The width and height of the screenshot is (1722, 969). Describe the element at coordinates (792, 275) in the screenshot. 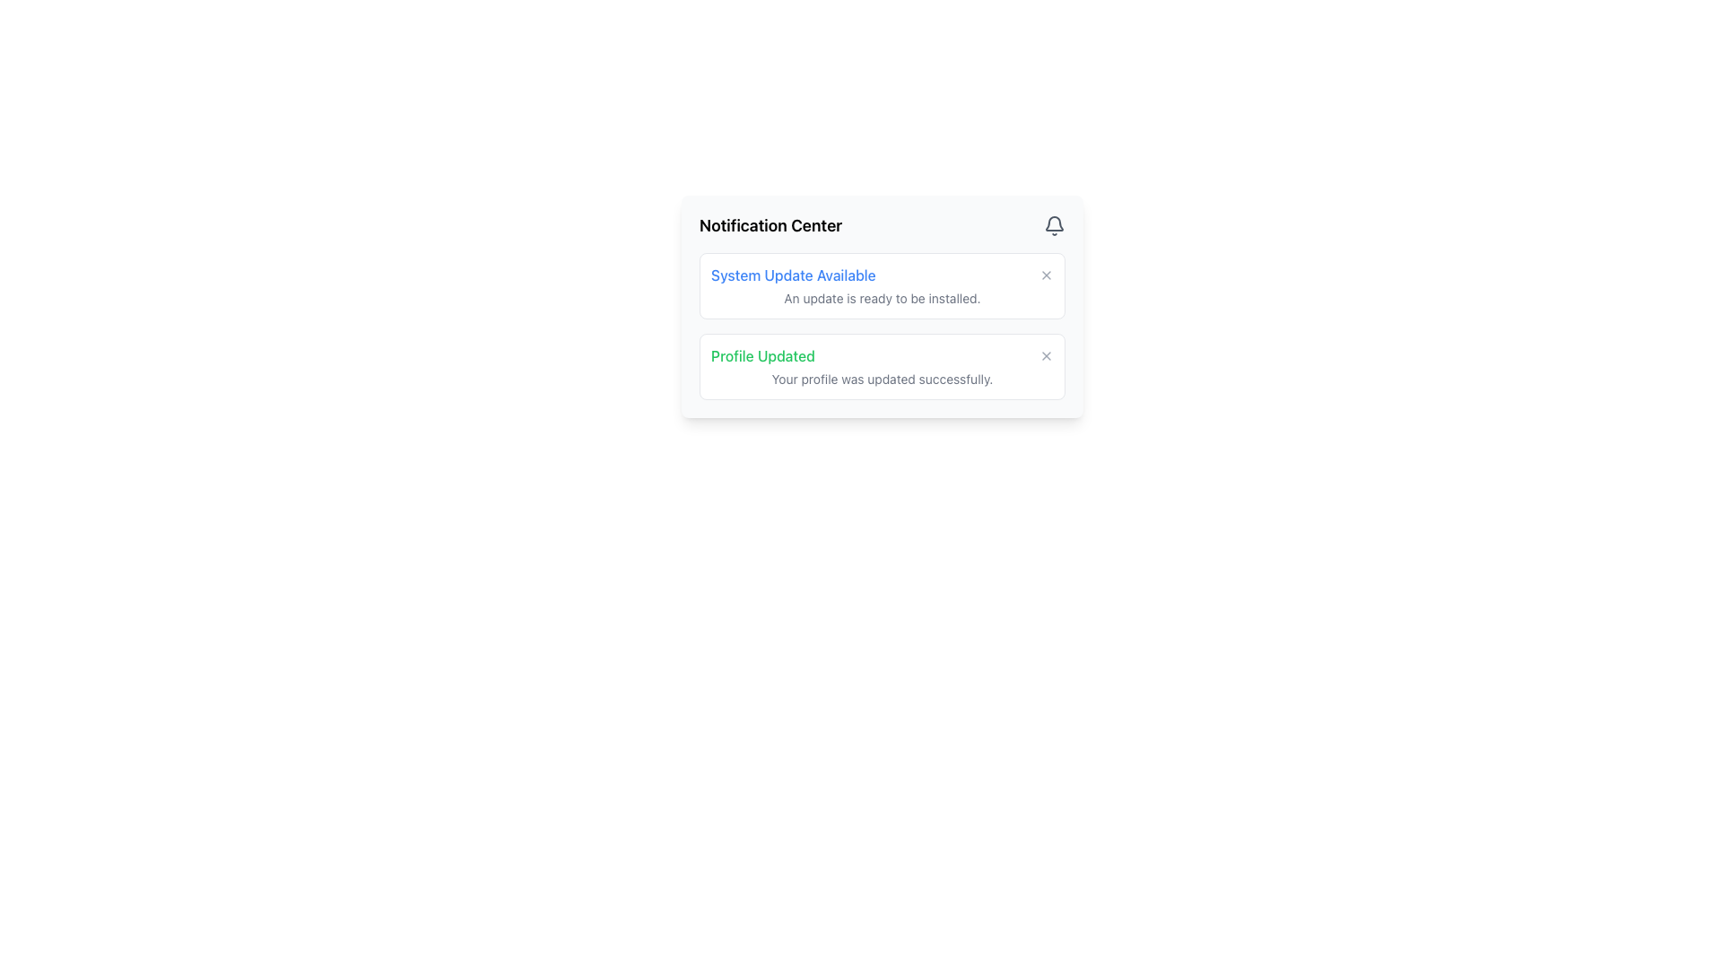

I see `the information conveyed by the 'System Update Available' text label located in the upper part of the notification list, directly under the 'Notification Center' header` at that location.